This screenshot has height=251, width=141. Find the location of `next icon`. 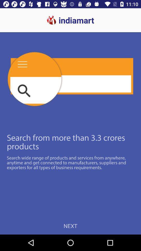

next icon is located at coordinates (70, 226).